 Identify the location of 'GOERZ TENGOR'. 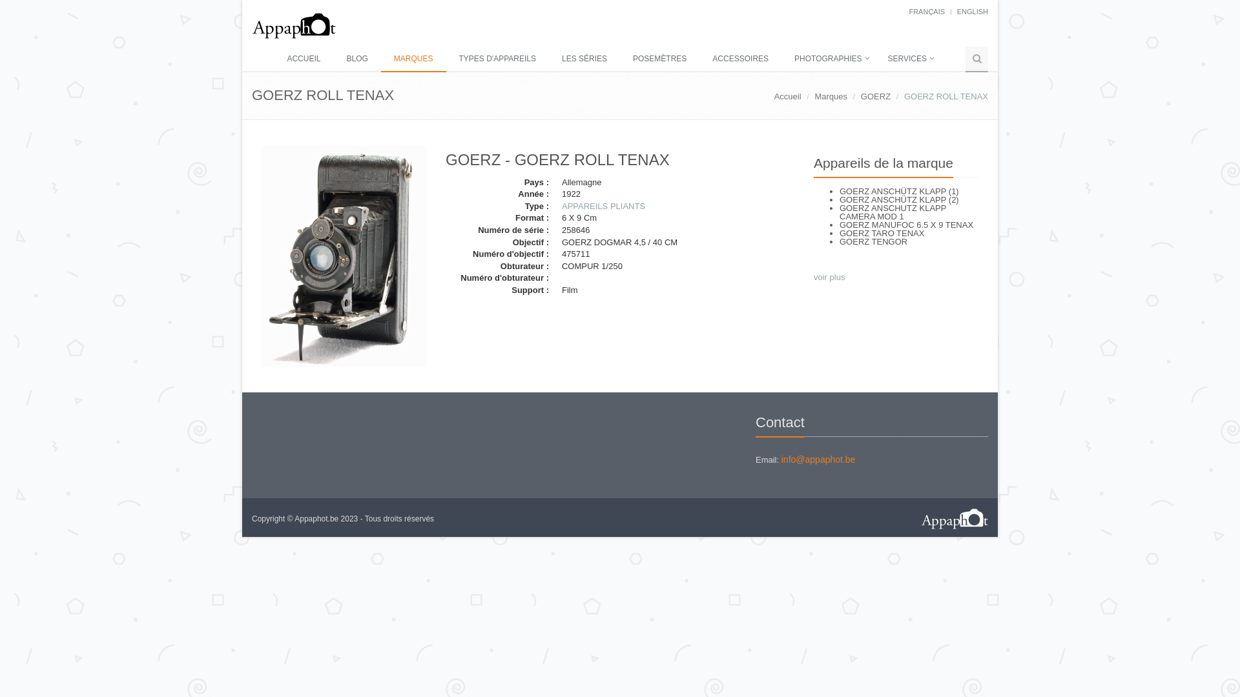
(873, 241).